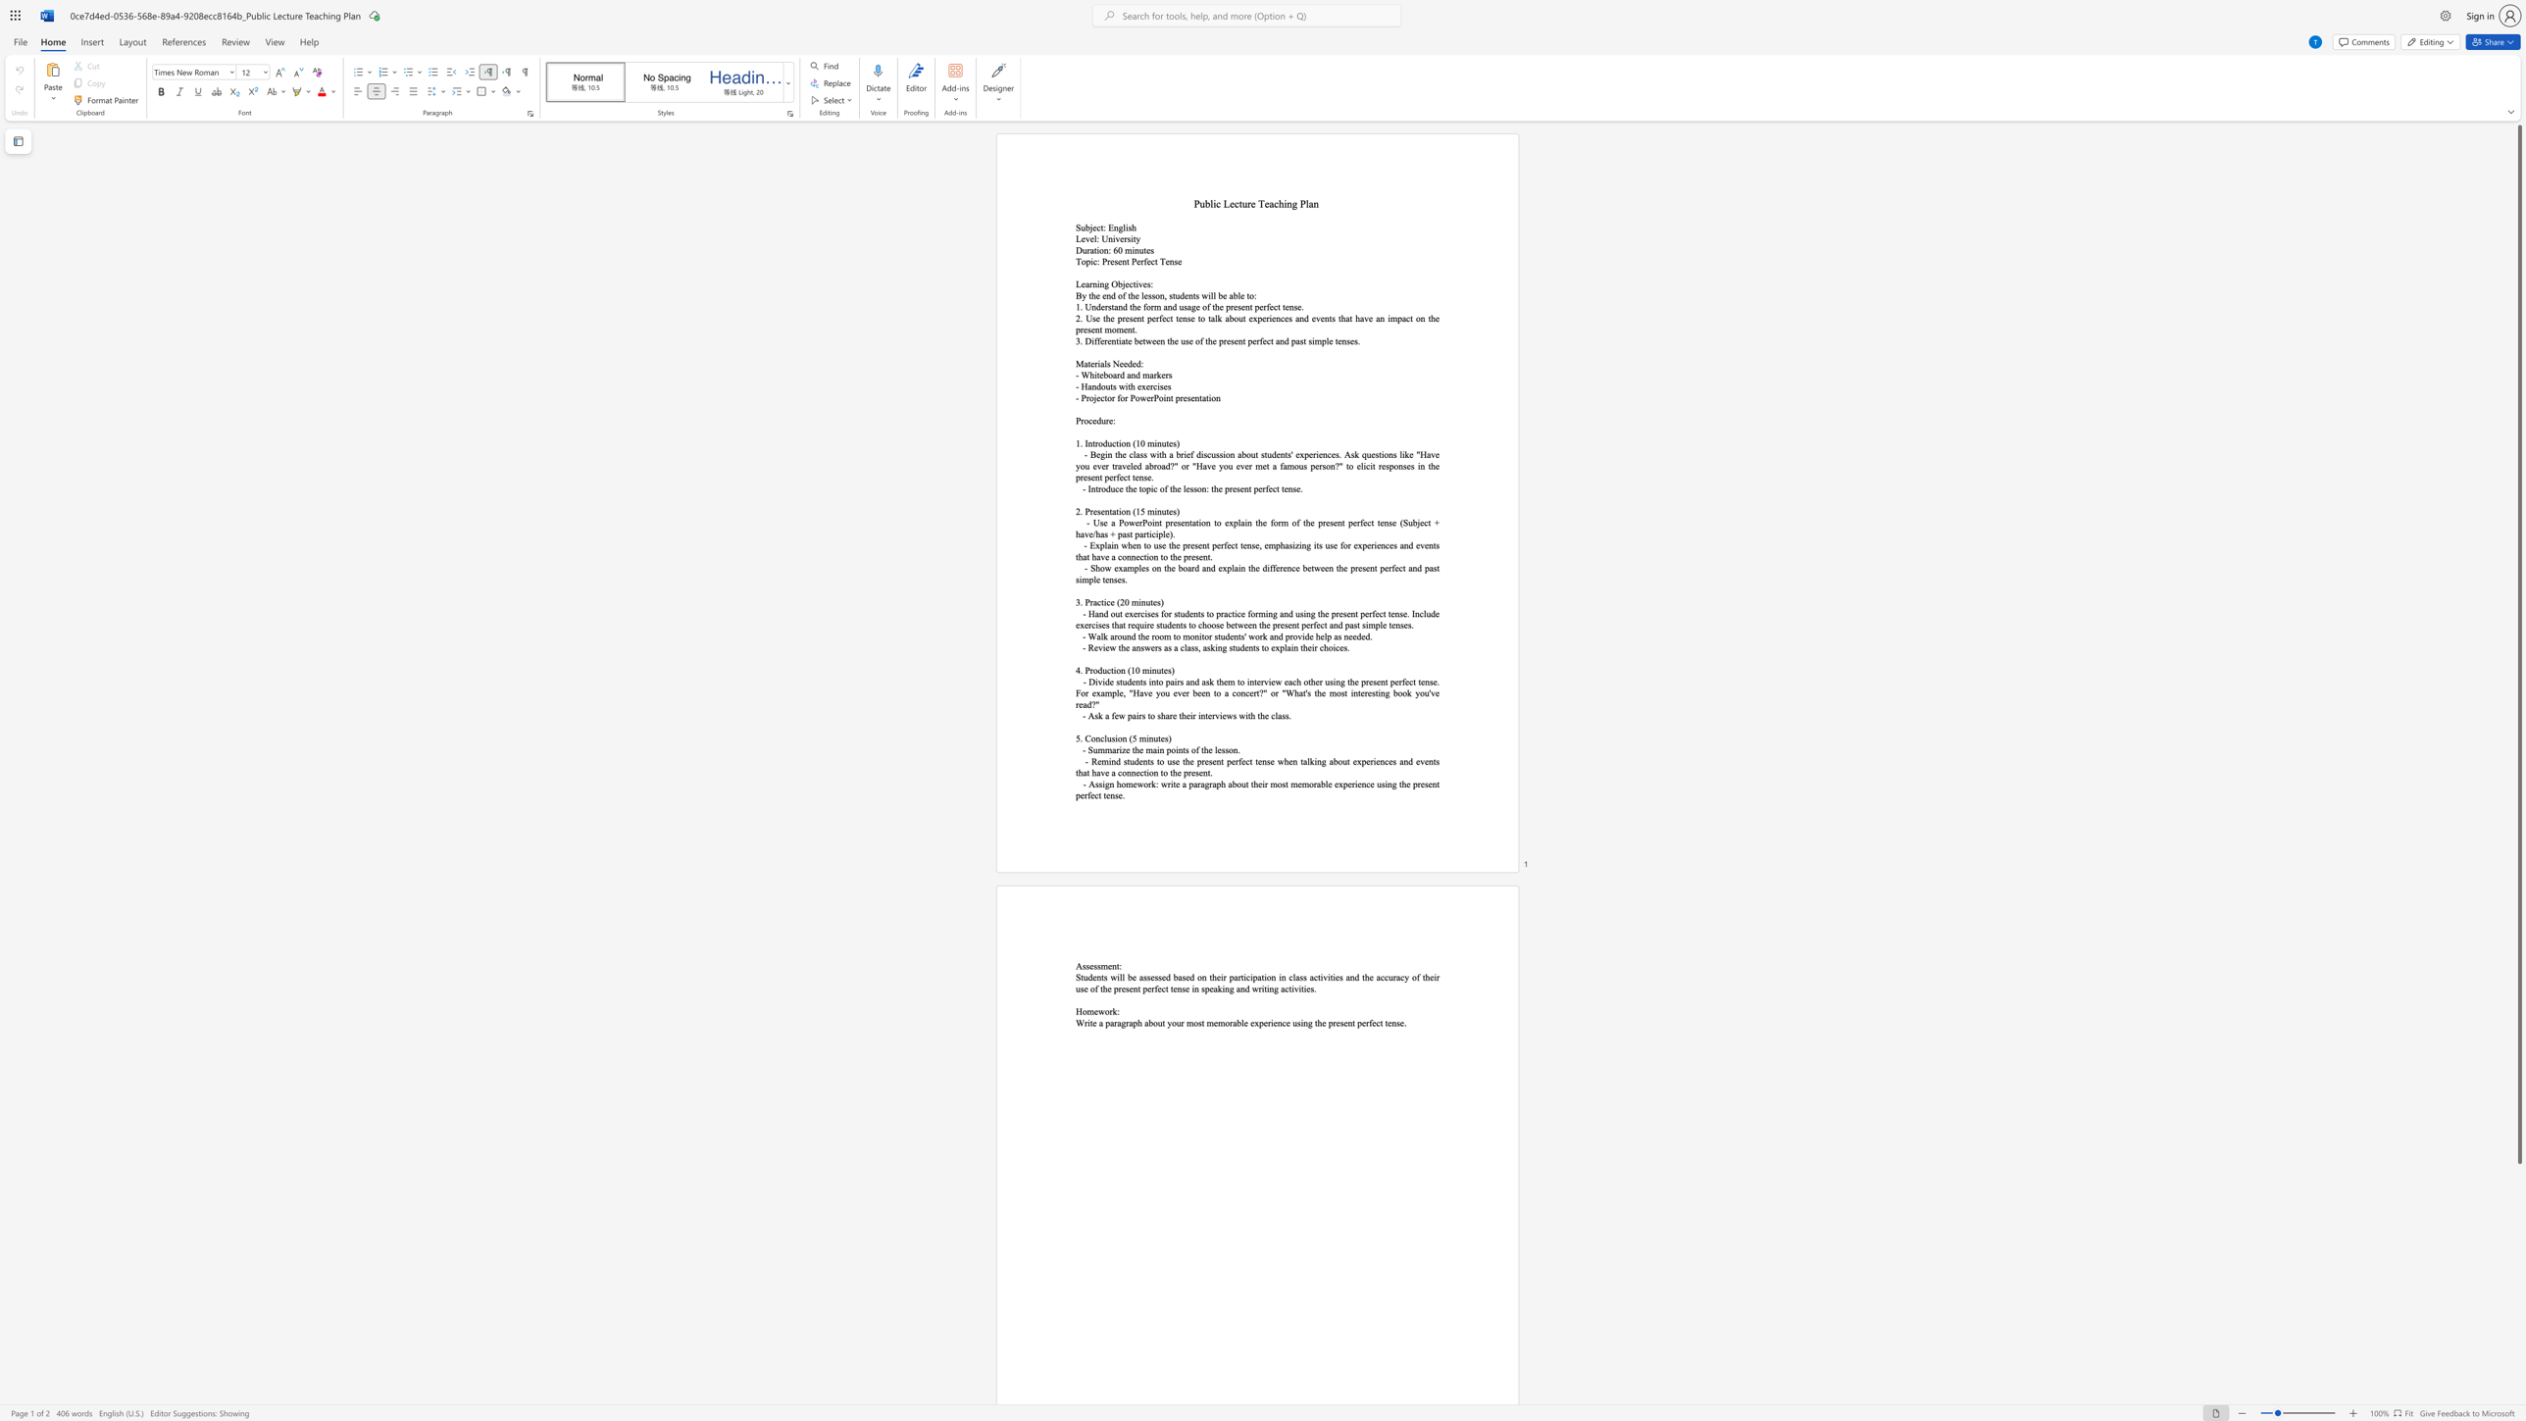  What do you see at coordinates (1092, 749) in the screenshot?
I see `the subset text "ummarize the main p" within the text "- Summarize the main points of the lesson."` at bounding box center [1092, 749].